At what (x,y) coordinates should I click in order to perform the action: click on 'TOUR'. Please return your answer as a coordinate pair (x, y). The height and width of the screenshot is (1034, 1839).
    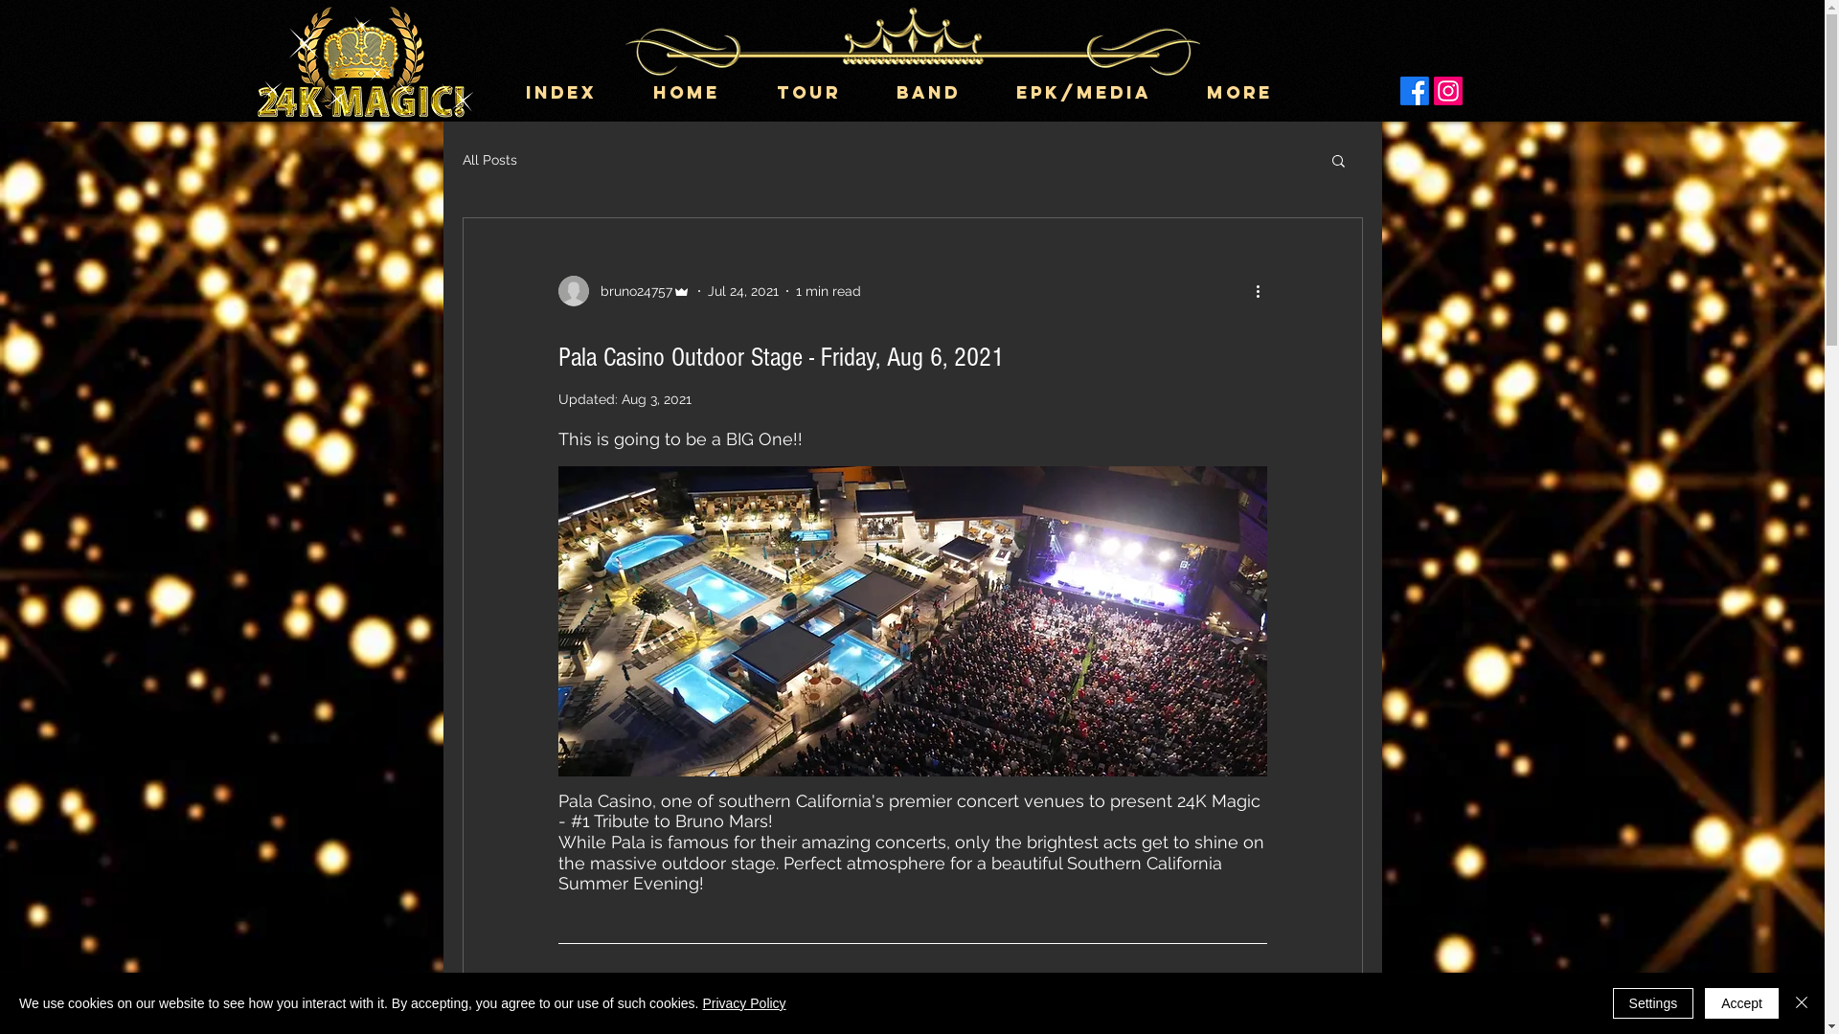
    Looking at the image, I should click on (822, 92).